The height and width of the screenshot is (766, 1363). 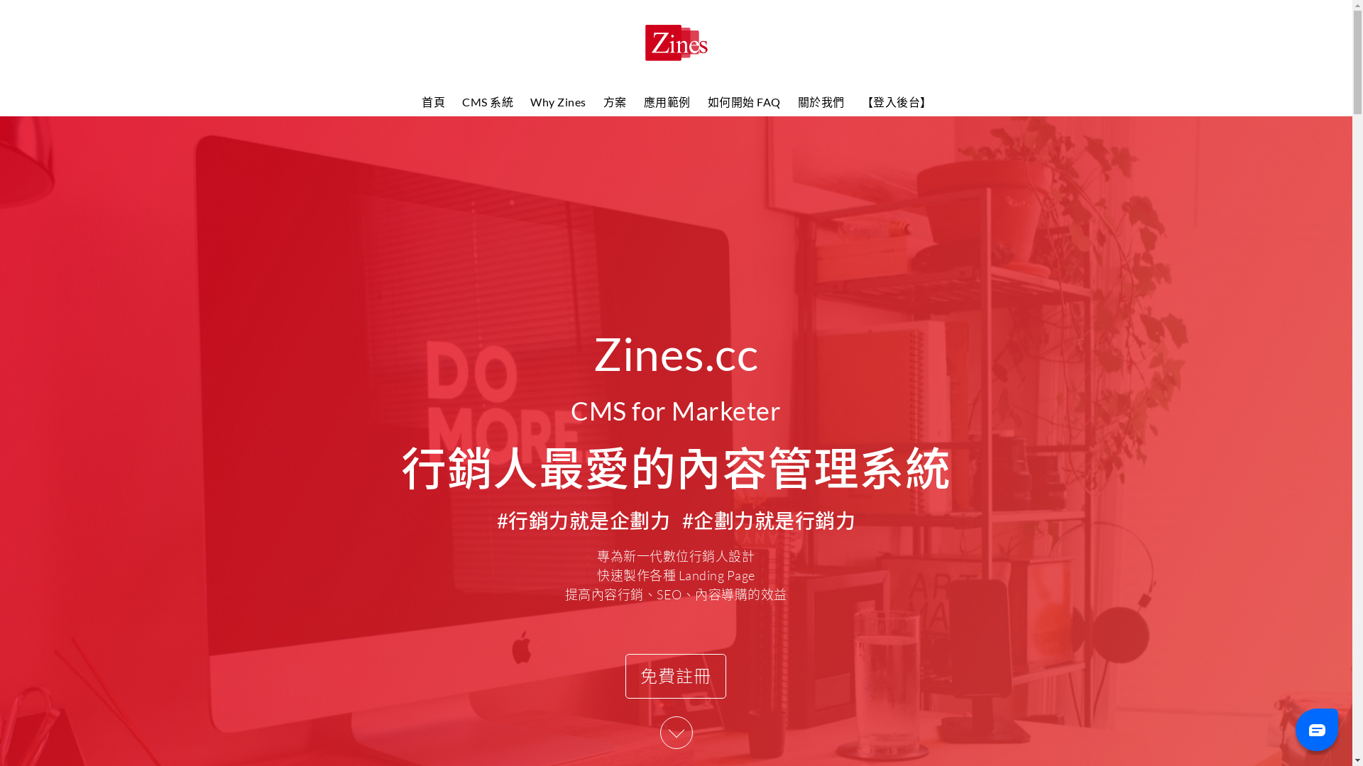 What do you see at coordinates (557, 101) in the screenshot?
I see `'Why Zines'` at bounding box center [557, 101].